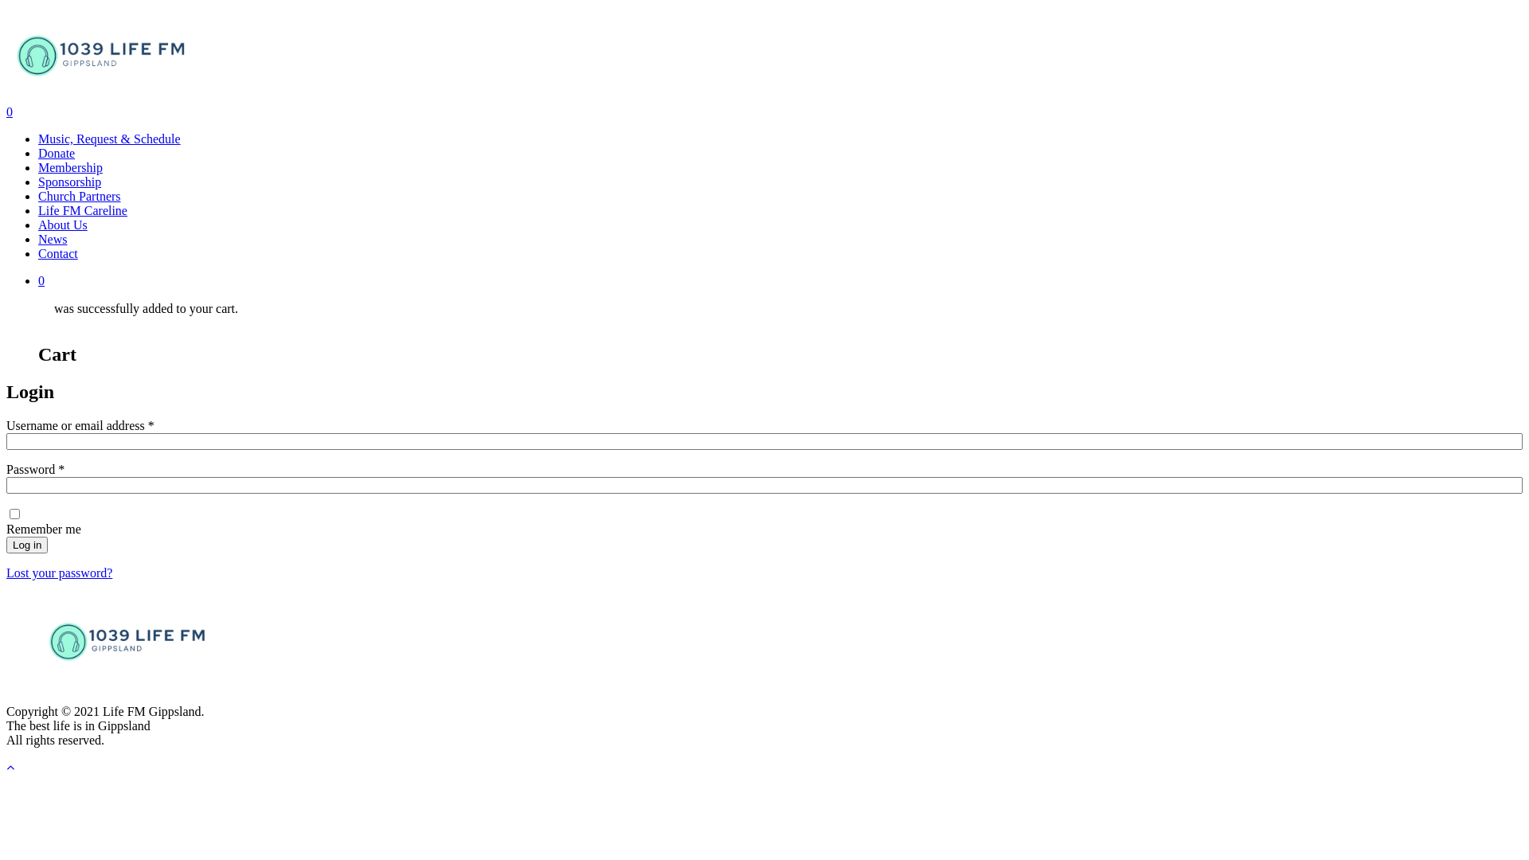  I want to click on 'Donate', so click(57, 153).